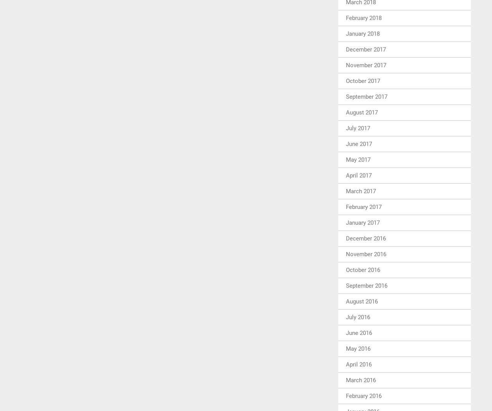 This screenshot has height=411, width=492. Describe the element at coordinates (361, 300) in the screenshot. I see `'August 2016'` at that location.